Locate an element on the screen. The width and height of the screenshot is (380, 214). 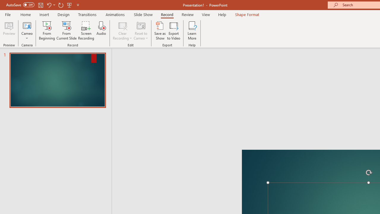
'Insert' is located at coordinates (44, 14).